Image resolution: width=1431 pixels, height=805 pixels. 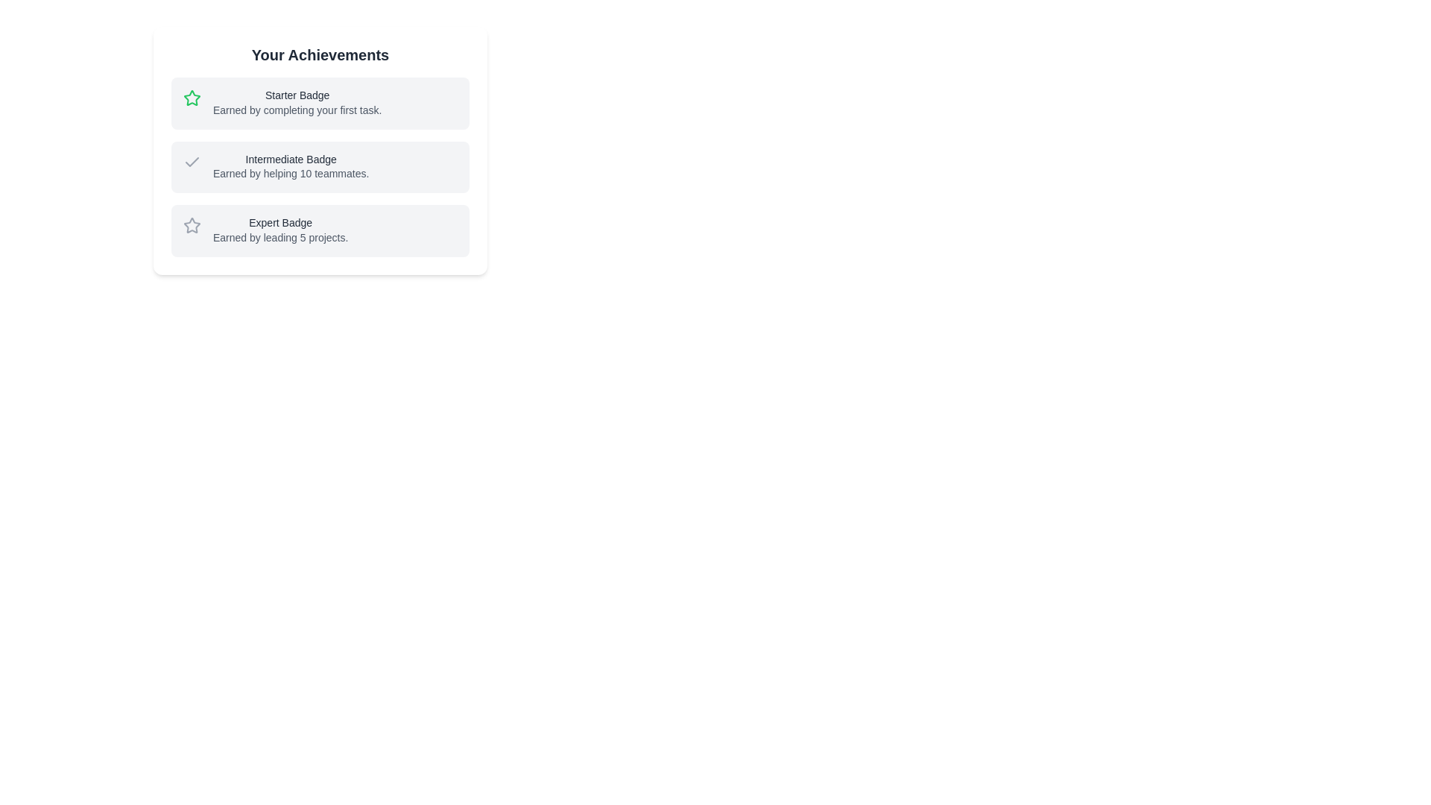 I want to click on the descriptive text element that explains how the 'Intermediate Badge' is earned, located as the second line under the 'Intermediate Badge' in the 'Your Achievements' section, so click(x=291, y=172).